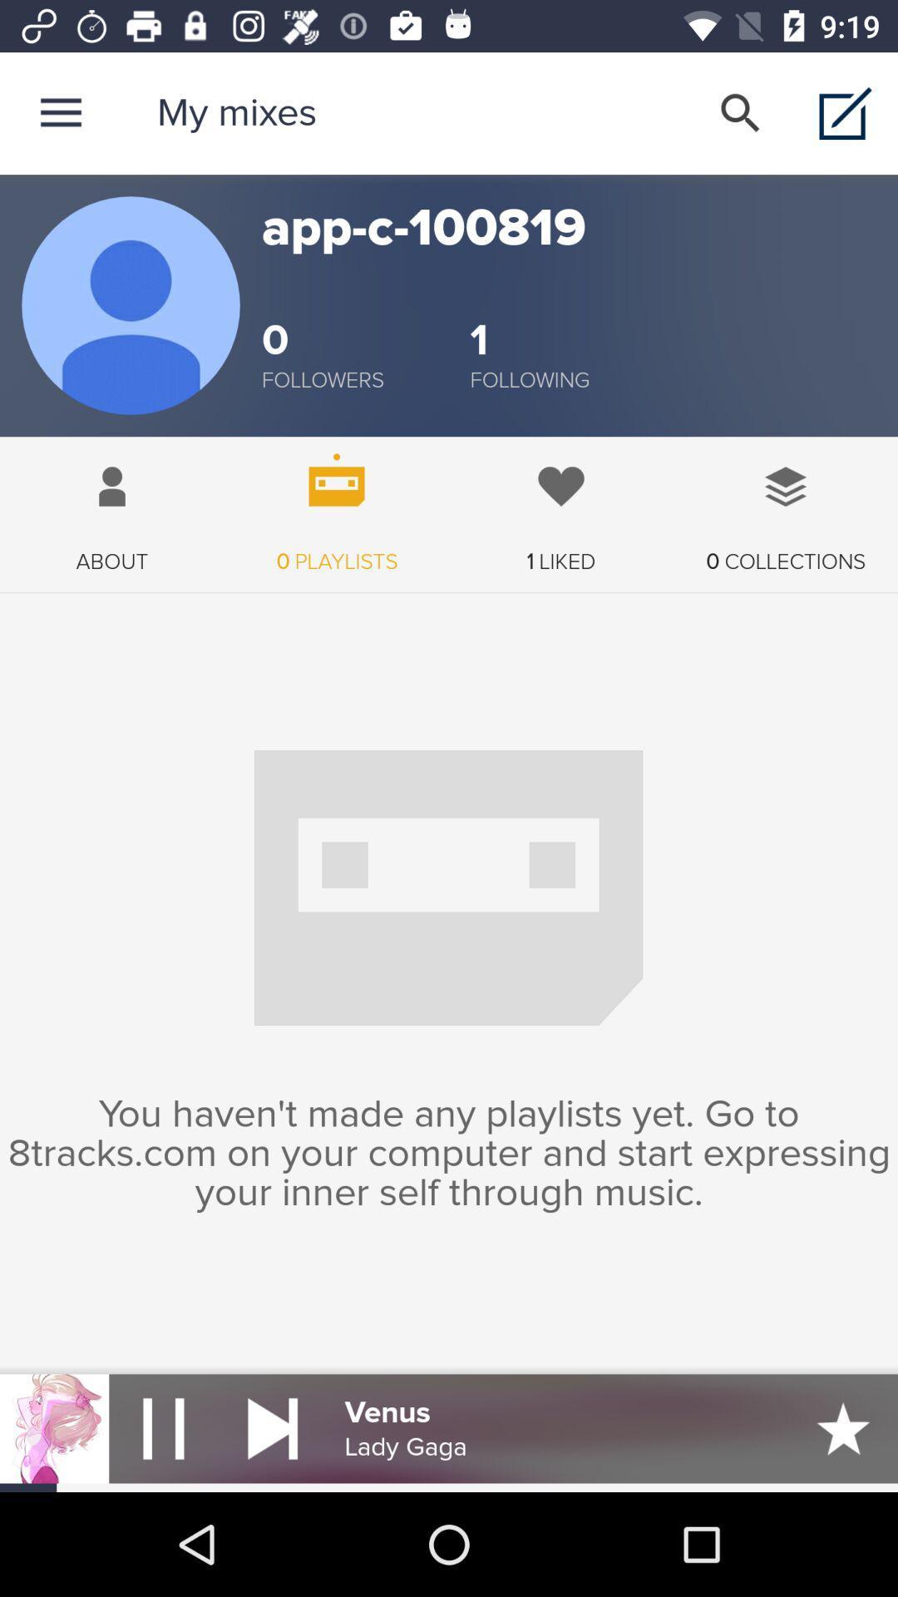  I want to click on icon below 0 item, so click(530, 379).